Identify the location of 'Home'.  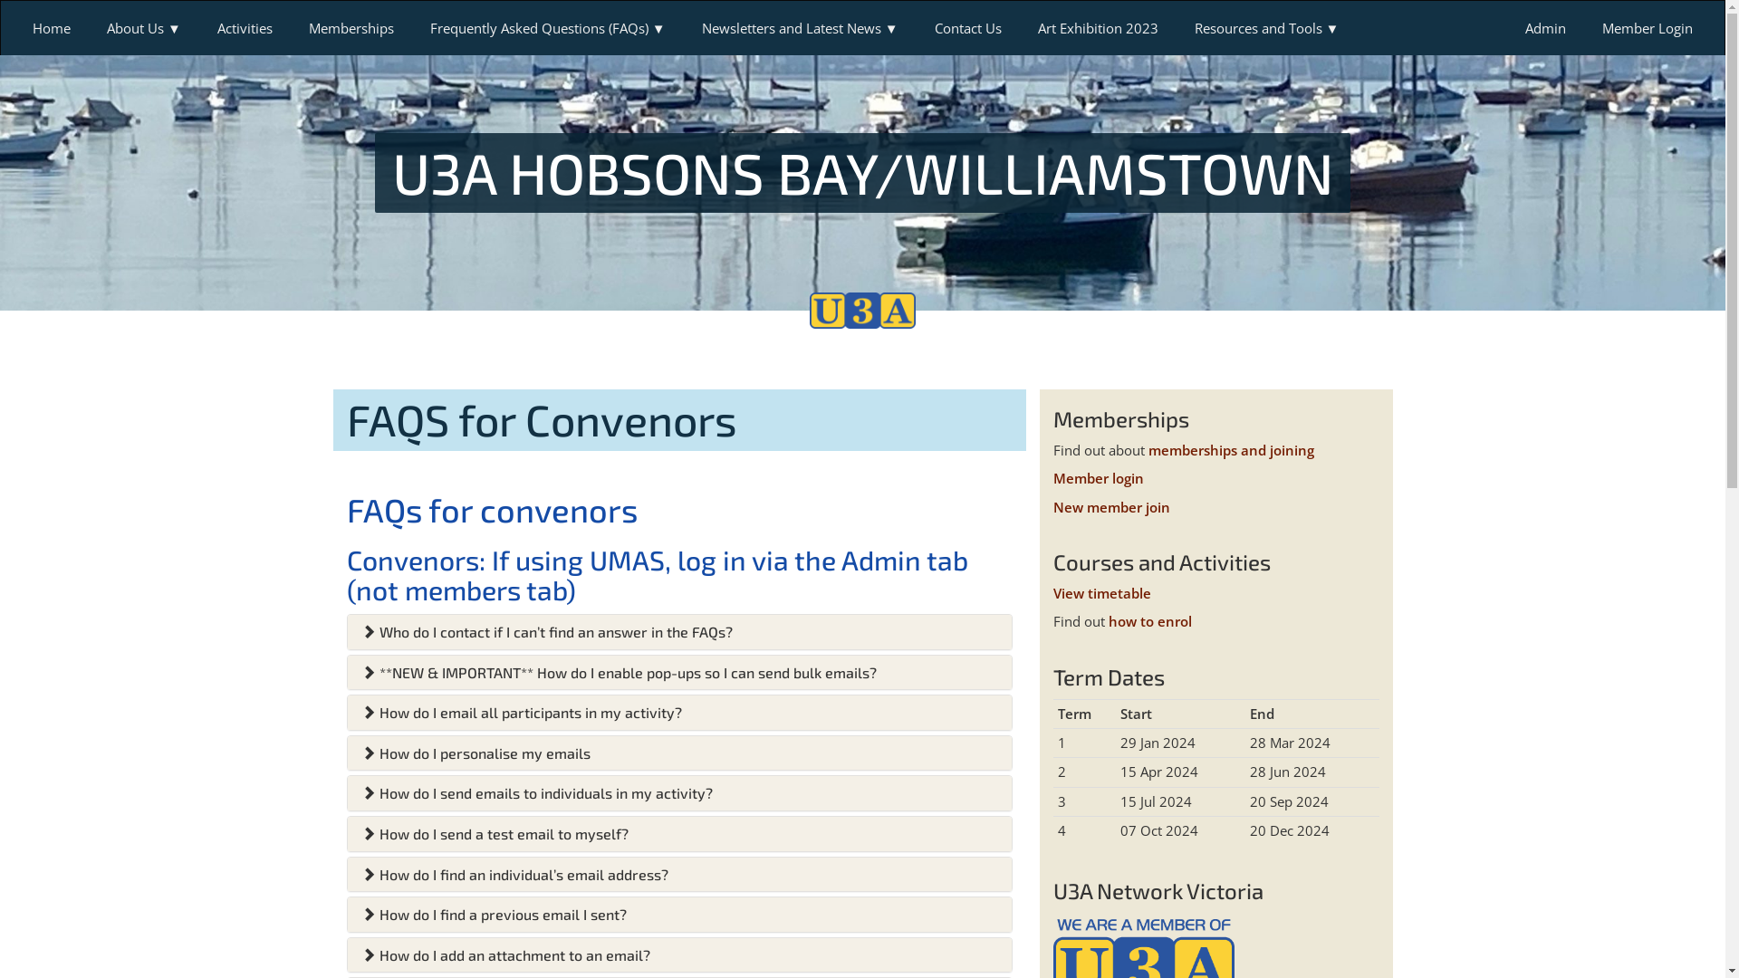
(52, 27).